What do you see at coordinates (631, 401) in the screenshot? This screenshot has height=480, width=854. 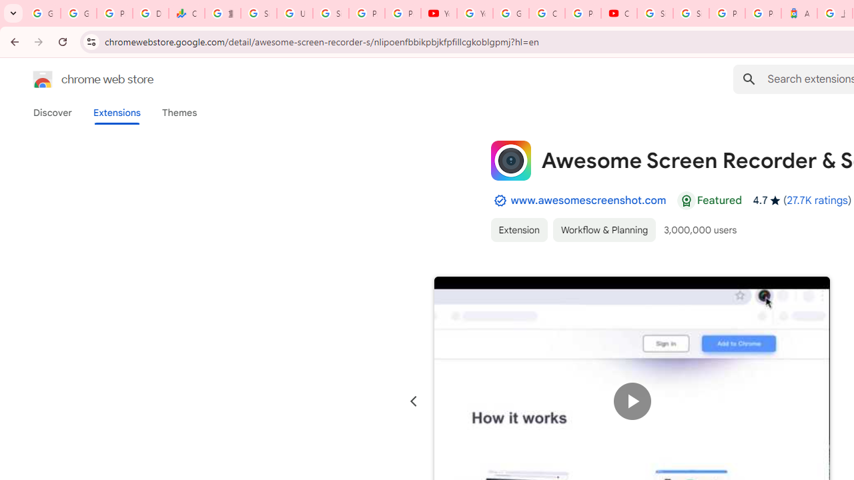 I see `'Item media 1 video'` at bounding box center [631, 401].